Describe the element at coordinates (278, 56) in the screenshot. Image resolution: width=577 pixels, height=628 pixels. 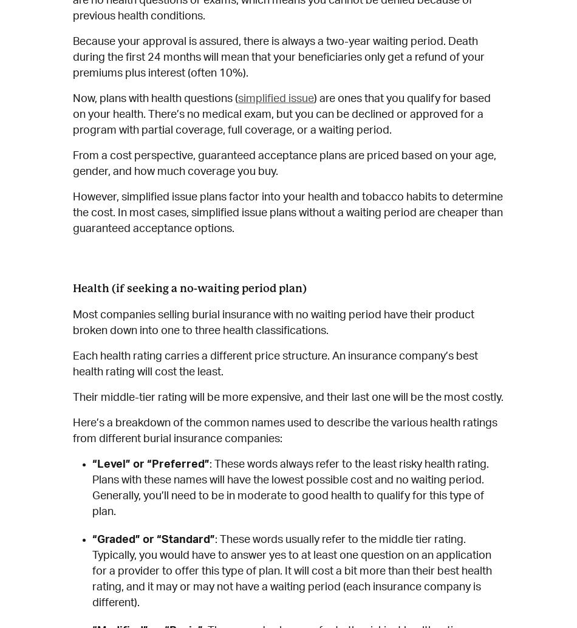
I see `'Because your approval is assured, there is always a two-year waiting period. Death during the first 24 months will mean that your beneficiaries only get a refund of your premiums plus interest (often 10%).'` at that location.